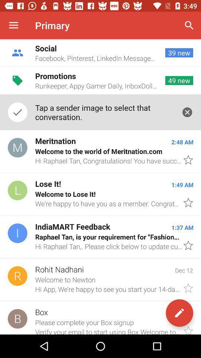  Describe the element at coordinates (189, 25) in the screenshot. I see `icon to the right of primary` at that location.